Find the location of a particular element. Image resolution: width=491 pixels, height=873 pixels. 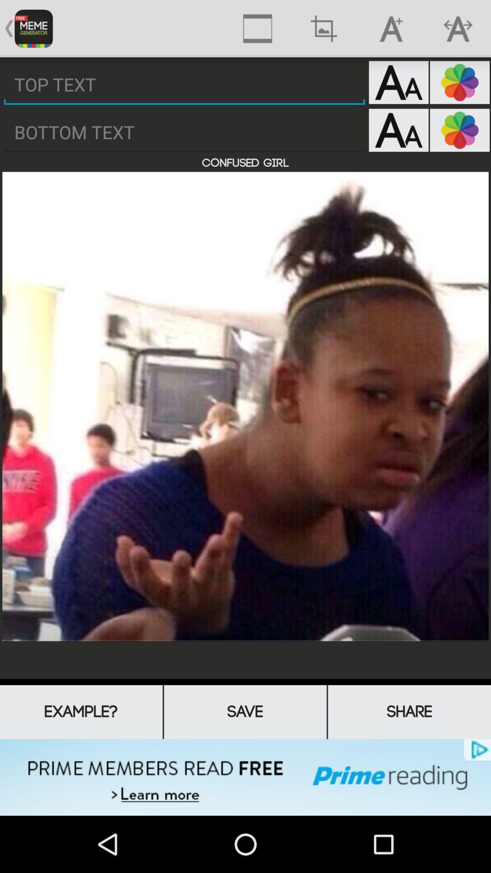

change text settings is located at coordinates (398, 82).